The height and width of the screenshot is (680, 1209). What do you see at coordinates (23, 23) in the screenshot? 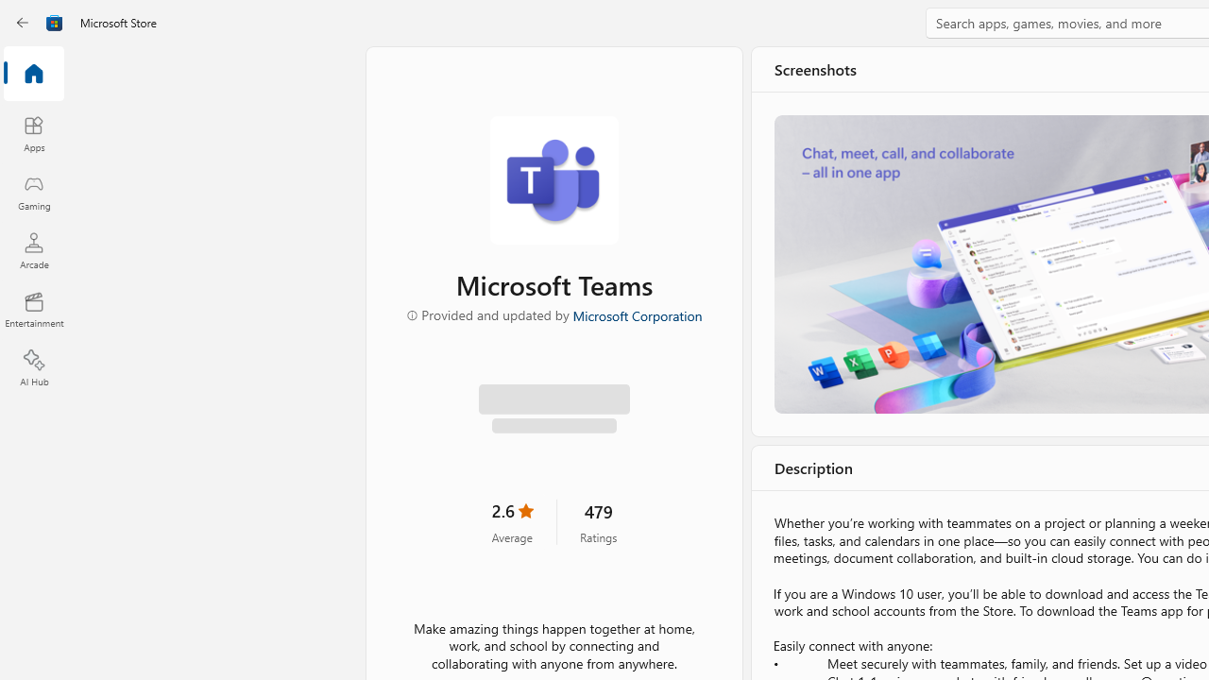
I see `'Back'` at bounding box center [23, 23].